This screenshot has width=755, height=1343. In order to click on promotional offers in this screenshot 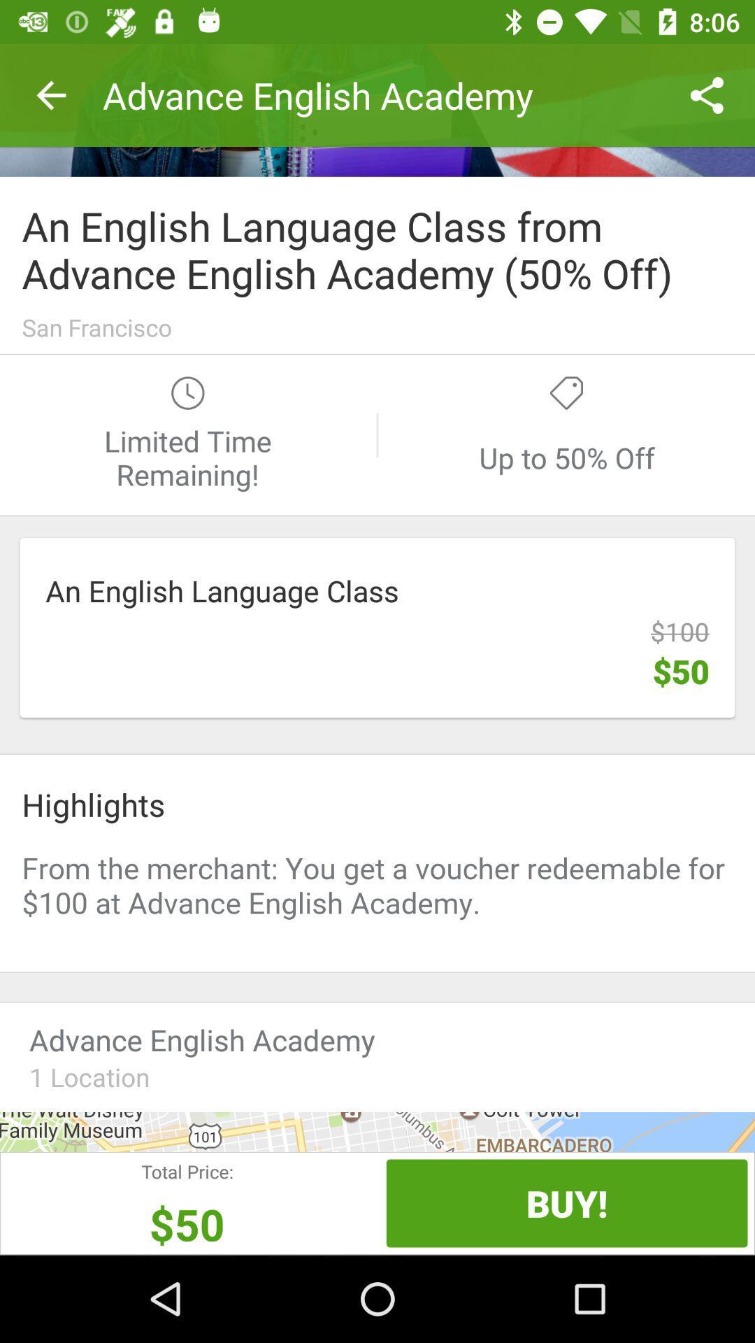, I will do `click(377, 891)`.